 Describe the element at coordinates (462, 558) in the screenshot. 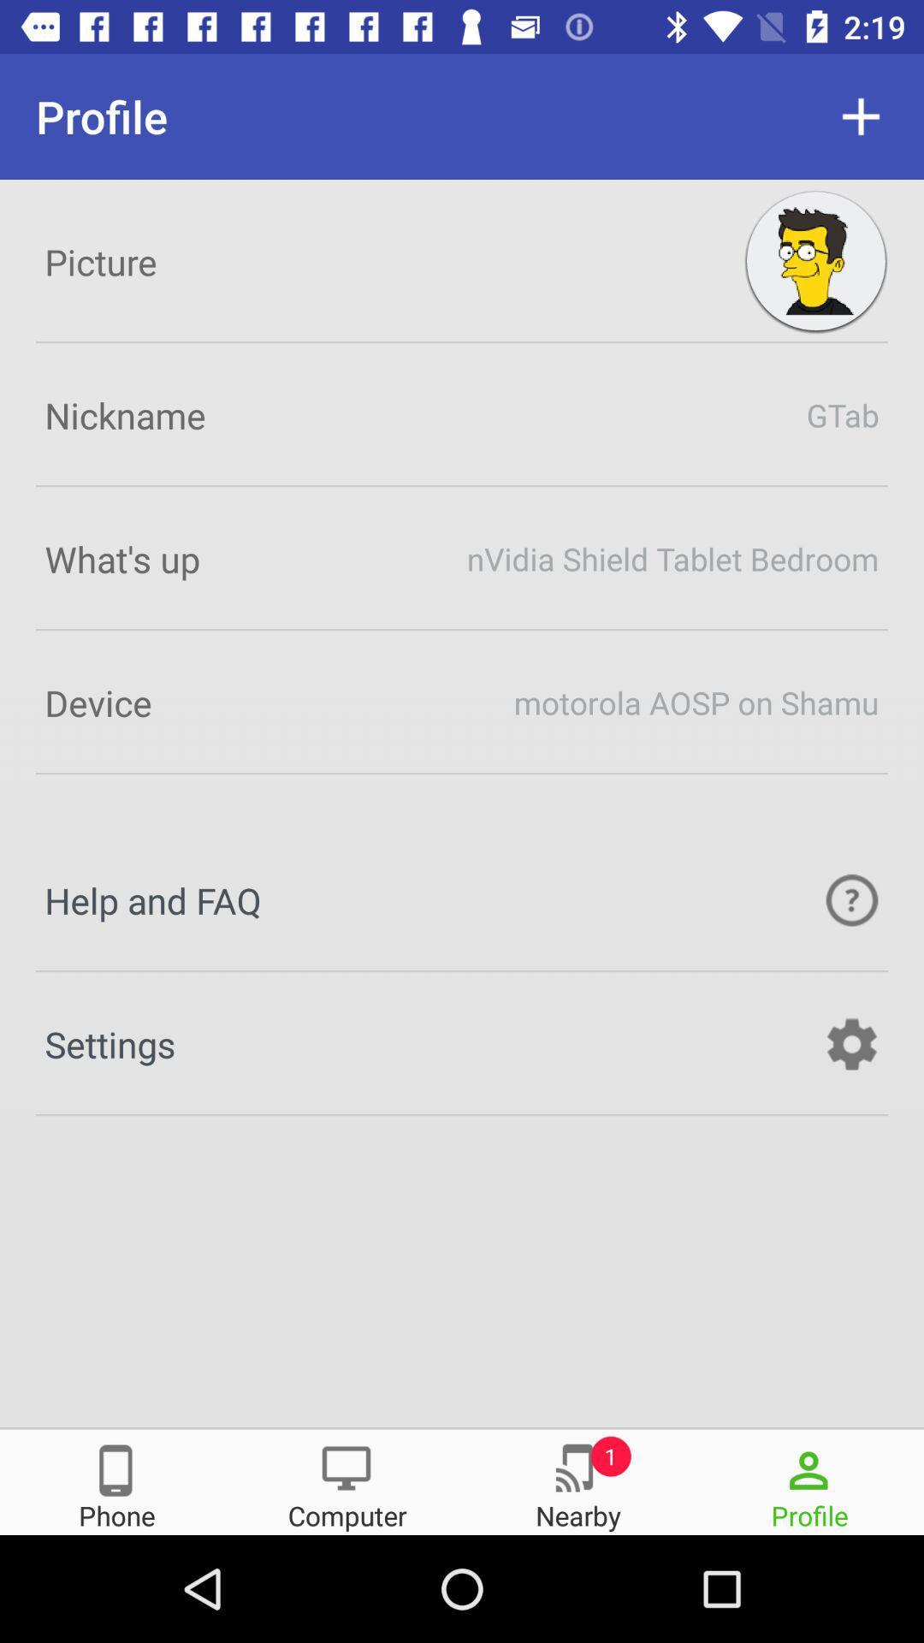

I see `texts below nickname and gtab` at that location.